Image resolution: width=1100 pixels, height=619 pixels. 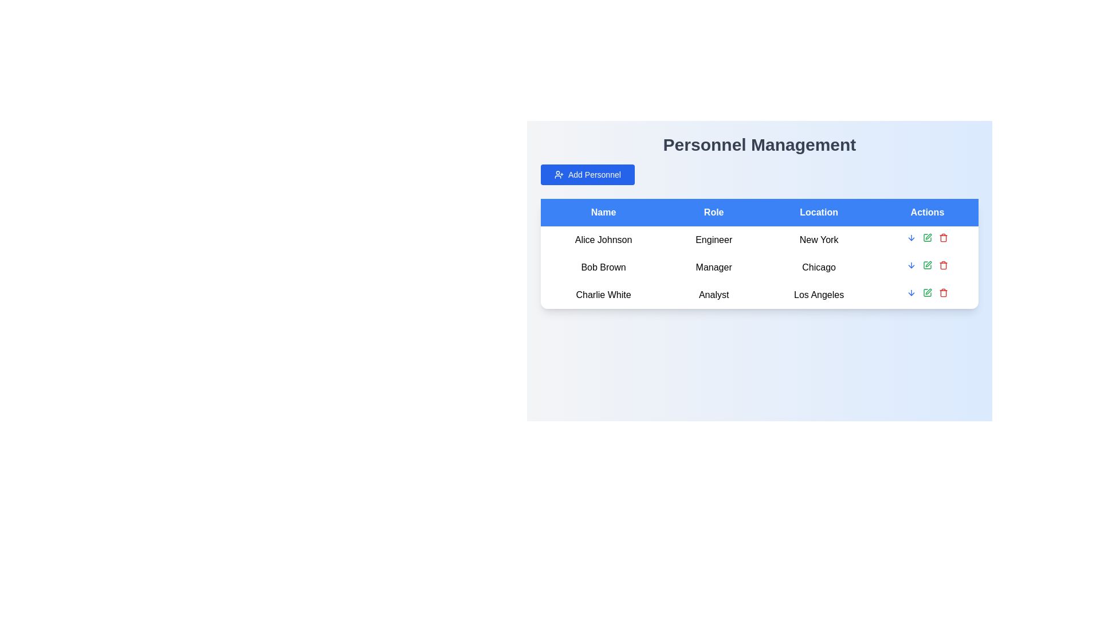 What do you see at coordinates (759, 144) in the screenshot?
I see `the prominently styled text label that reads 'Personnel Management', located at the top of the header section above the 'Add Personnel' button` at bounding box center [759, 144].